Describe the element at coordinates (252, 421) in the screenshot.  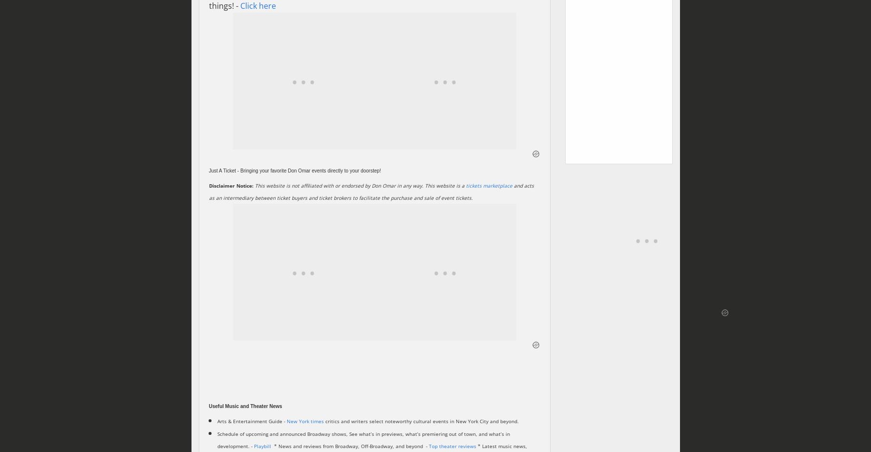
I see `'Arts & Entertainment Guide -'` at that location.